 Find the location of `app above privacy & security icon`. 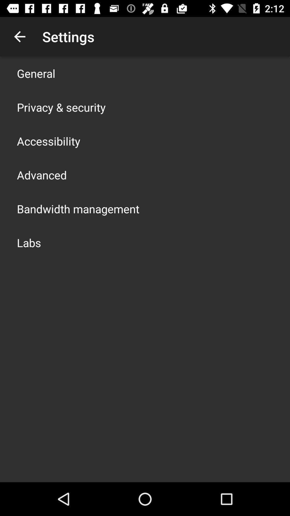

app above privacy & security icon is located at coordinates (36, 73).